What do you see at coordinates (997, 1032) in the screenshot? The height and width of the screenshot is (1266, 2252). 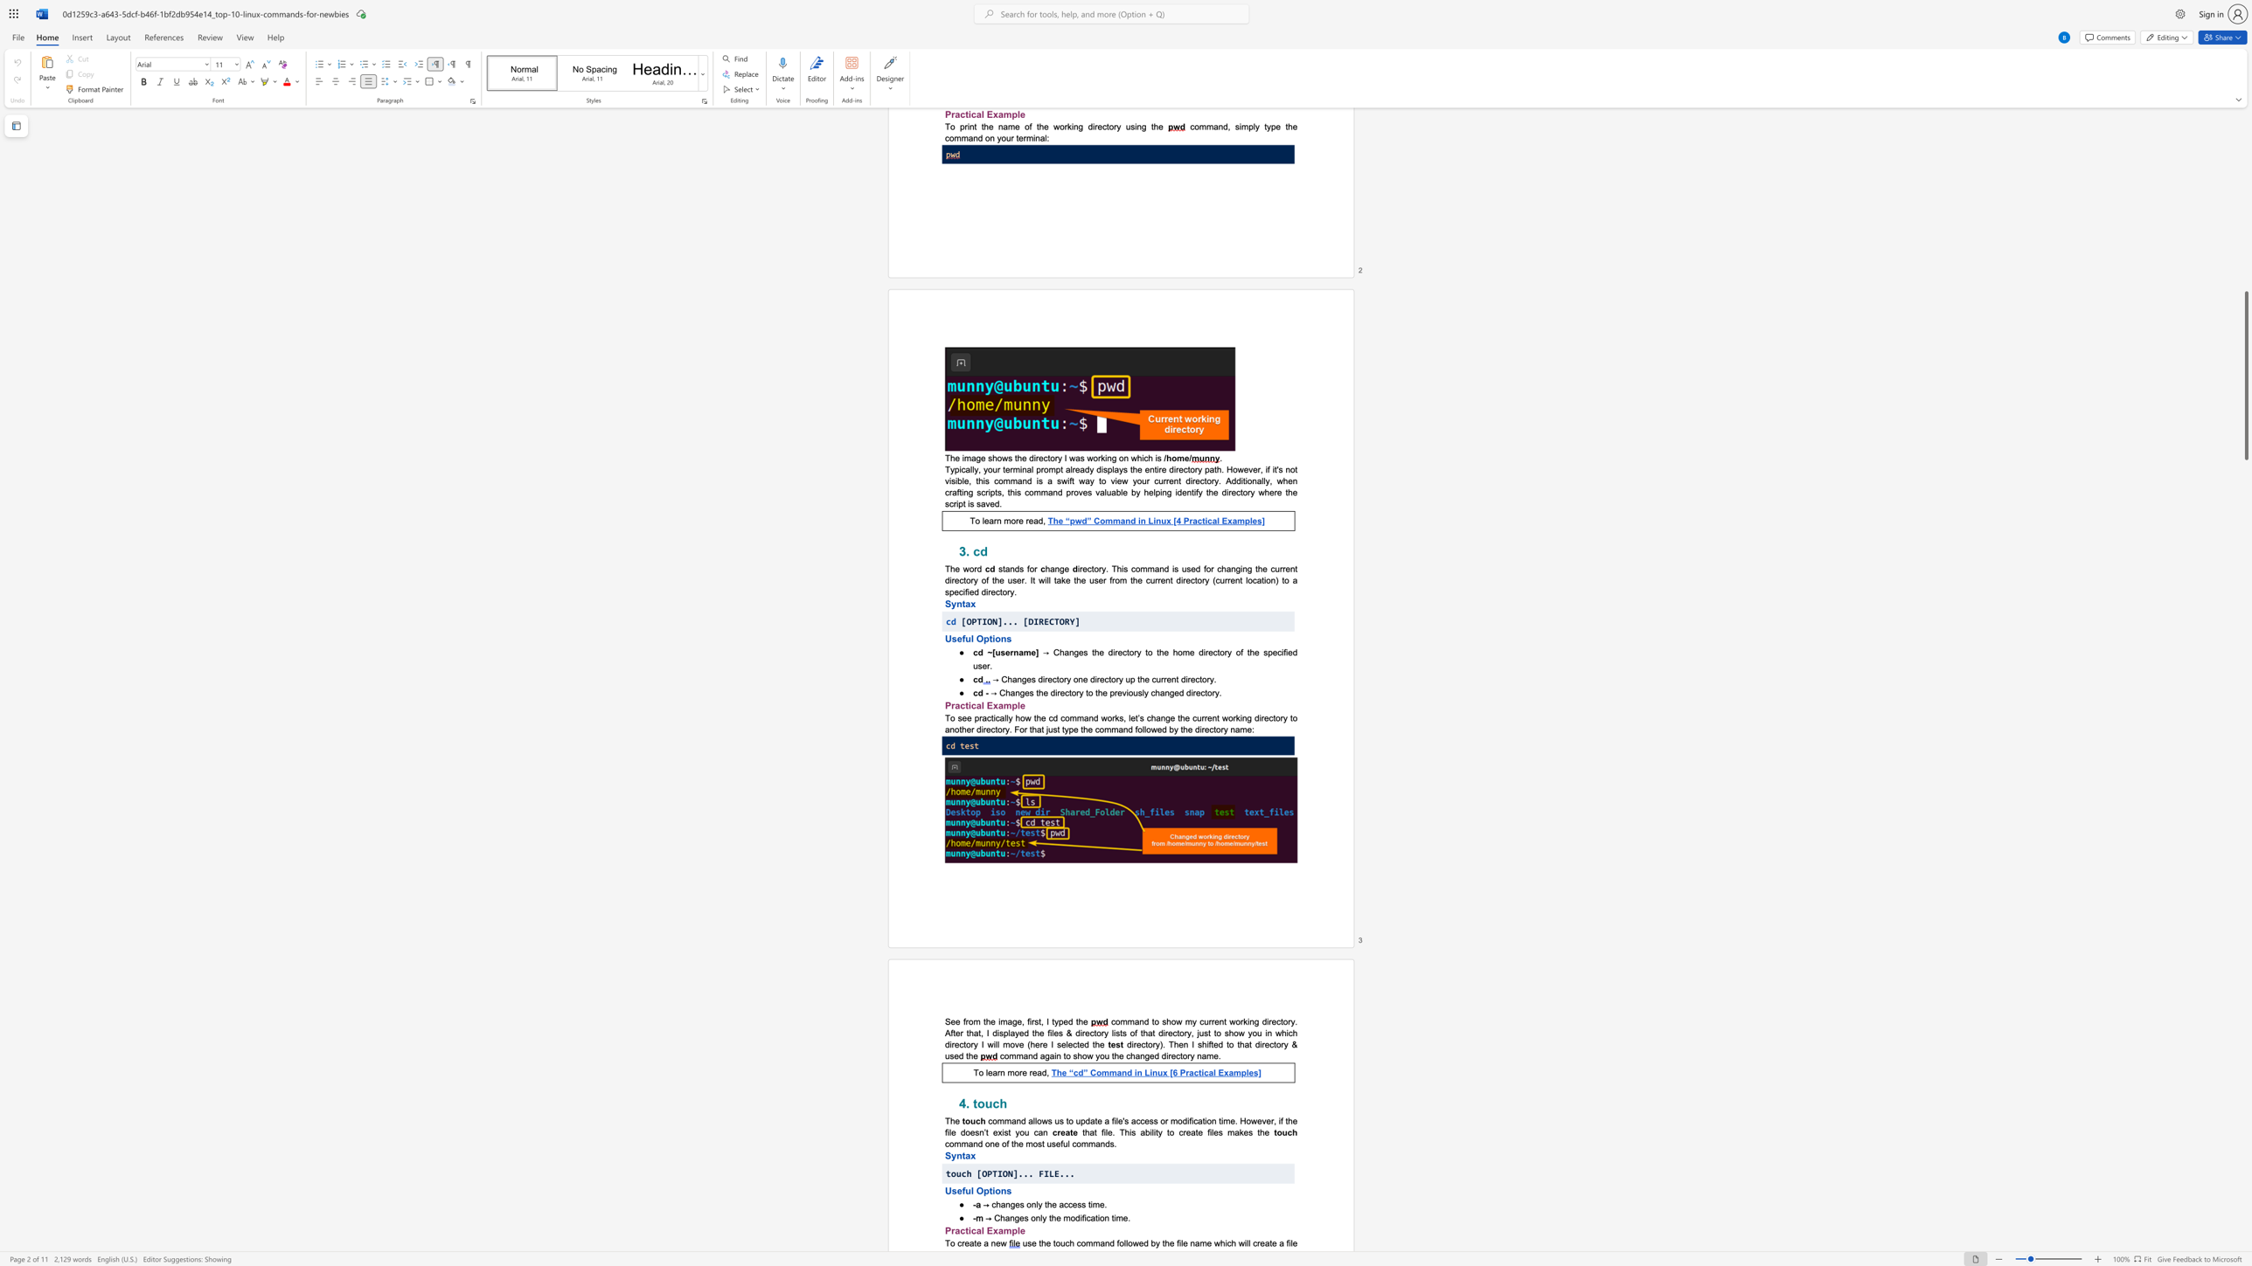 I see `the subset text "splayed the files & directory lists of that directory, just to show you in which directory I will" within the text "command to show my current working directory. After that, I displayed the files & directory lists of that directory, just to show you in which directory I will move (here I selected the"` at bounding box center [997, 1032].